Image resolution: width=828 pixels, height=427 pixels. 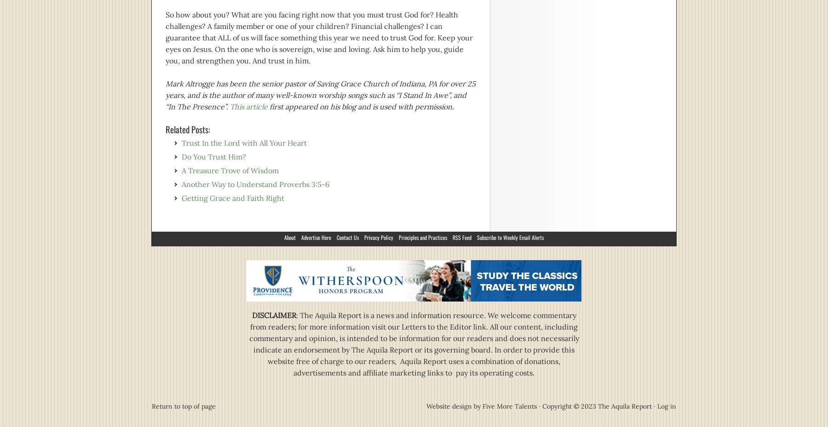 I want to click on 'A Treasure Trove of Wisdom', so click(x=181, y=171).